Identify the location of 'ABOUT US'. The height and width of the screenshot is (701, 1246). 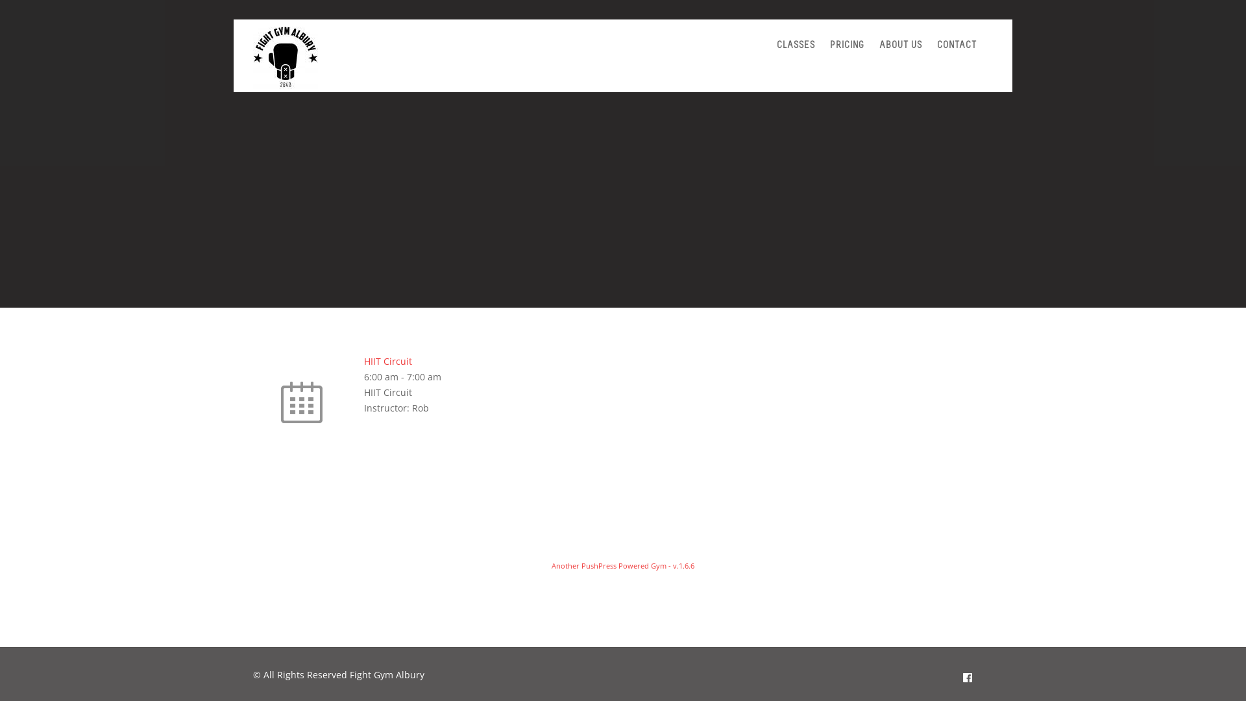
(899, 45).